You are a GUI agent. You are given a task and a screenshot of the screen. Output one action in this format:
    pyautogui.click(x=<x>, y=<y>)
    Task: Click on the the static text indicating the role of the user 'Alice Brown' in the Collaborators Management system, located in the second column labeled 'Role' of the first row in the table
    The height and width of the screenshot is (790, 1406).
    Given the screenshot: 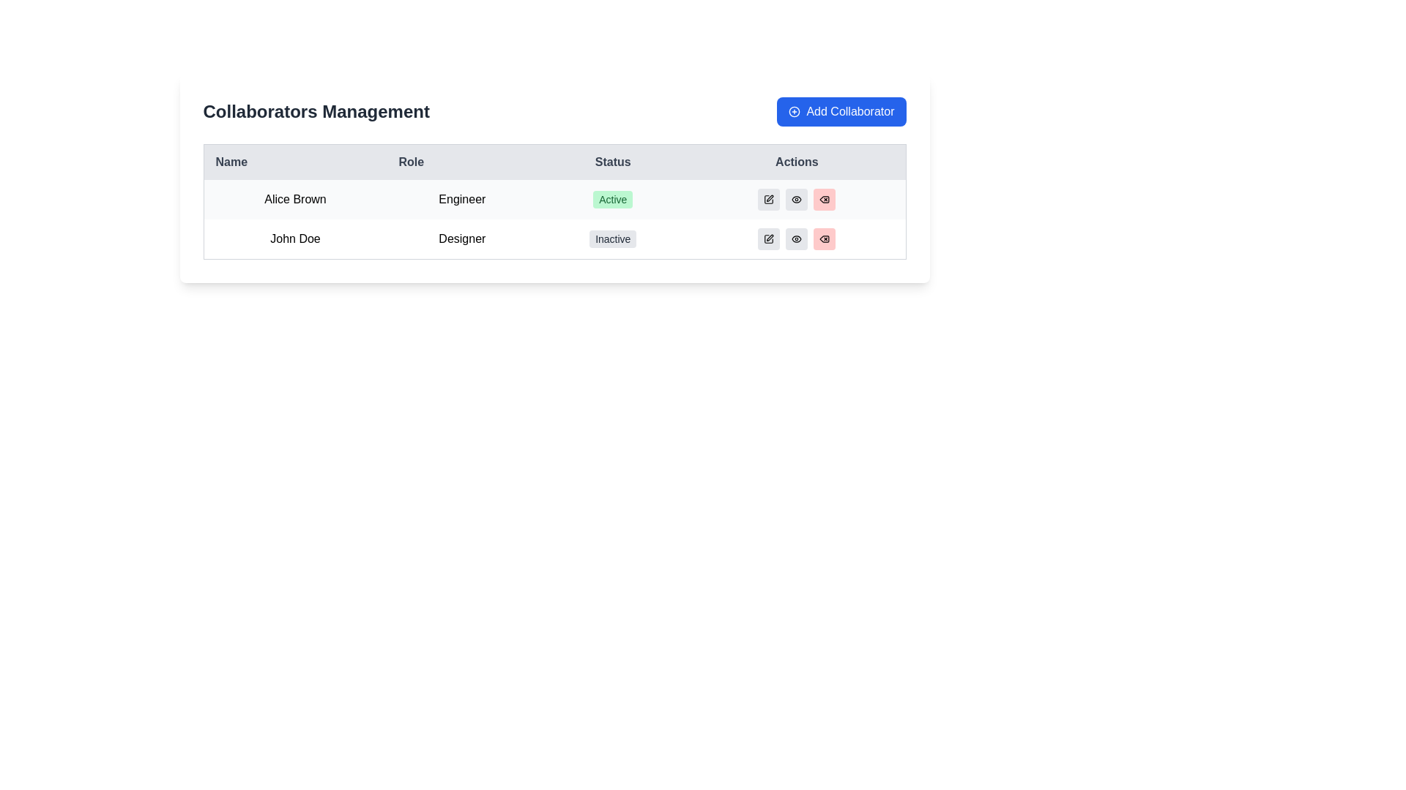 What is the action you would take?
    pyautogui.click(x=461, y=200)
    